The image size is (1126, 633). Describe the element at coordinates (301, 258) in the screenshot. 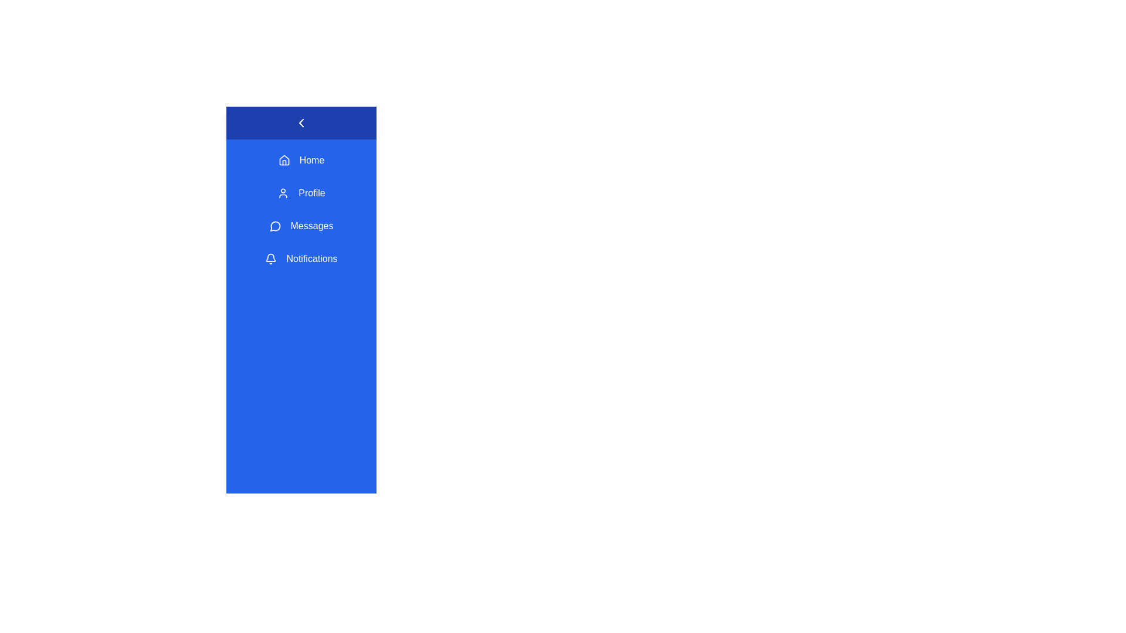

I see `the menu item Notifications from the sidebar navigation` at that location.